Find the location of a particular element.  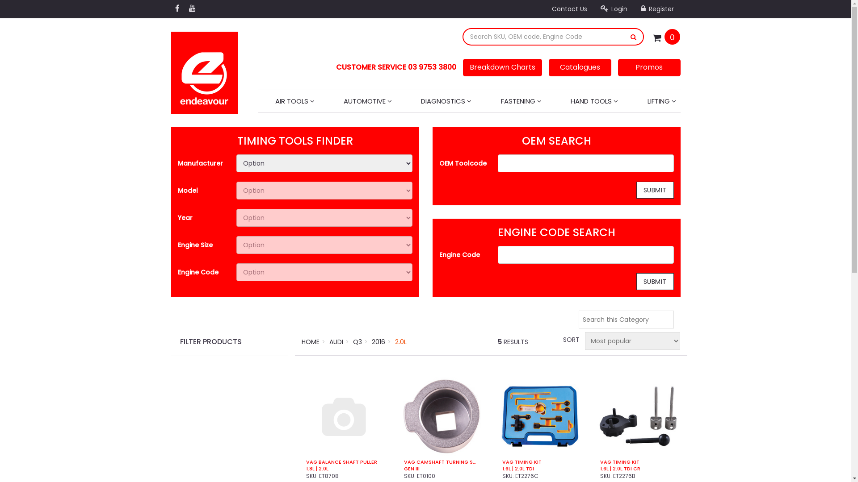

'1.6L | 2.0L TDI' is located at coordinates (539, 468).